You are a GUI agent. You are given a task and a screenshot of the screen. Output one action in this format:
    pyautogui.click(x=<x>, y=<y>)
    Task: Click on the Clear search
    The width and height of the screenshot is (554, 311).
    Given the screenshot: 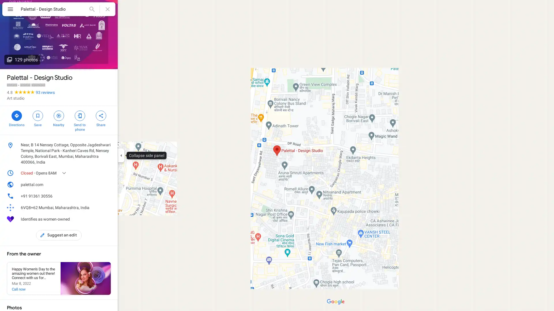 What is the action you would take?
    pyautogui.click(x=108, y=9)
    